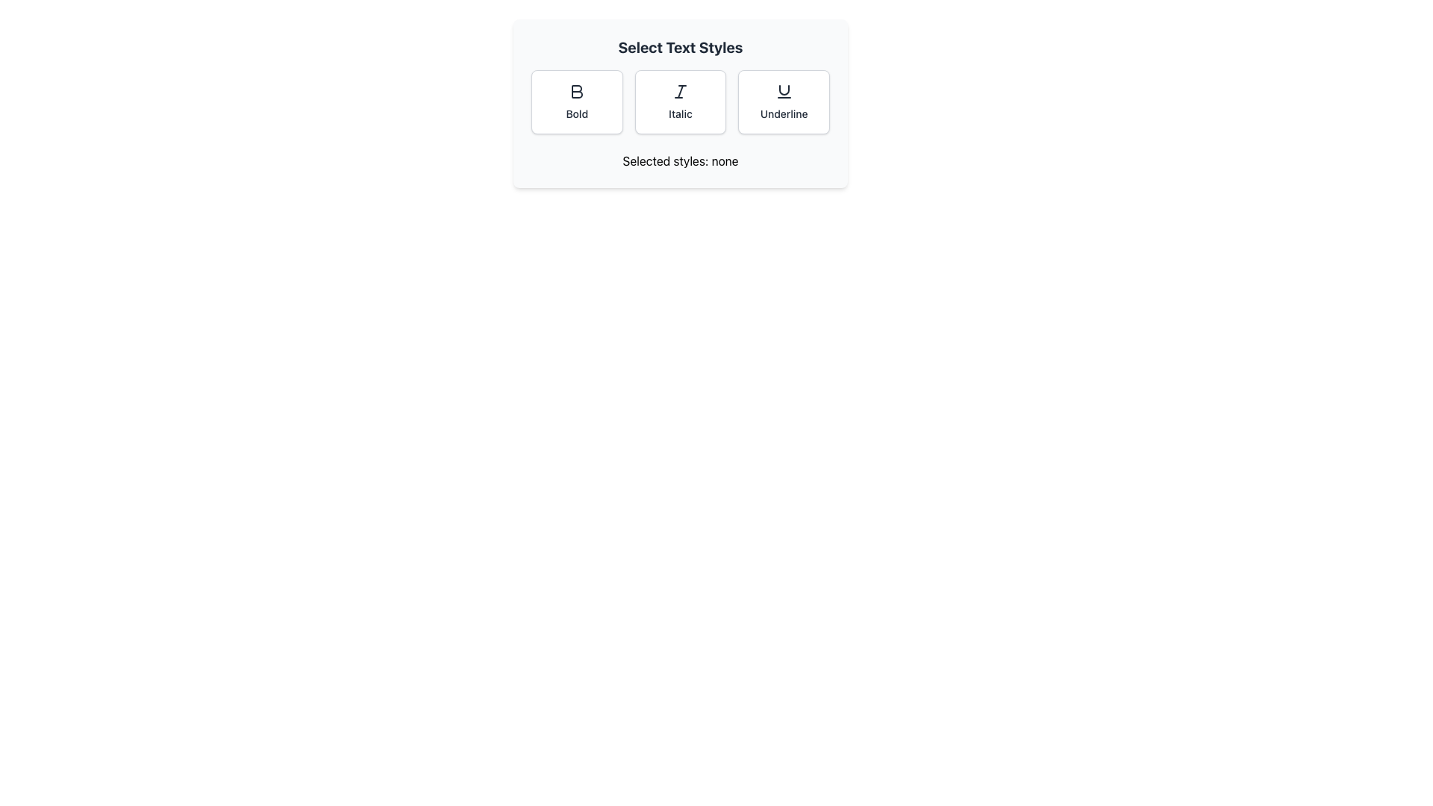 This screenshot has height=806, width=1433. Describe the element at coordinates (680, 92) in the screenshot. I see `the diagonal line forming part of the 'Italic' icon within the selectable button under the 'Select Text Styles' heading` at that location.